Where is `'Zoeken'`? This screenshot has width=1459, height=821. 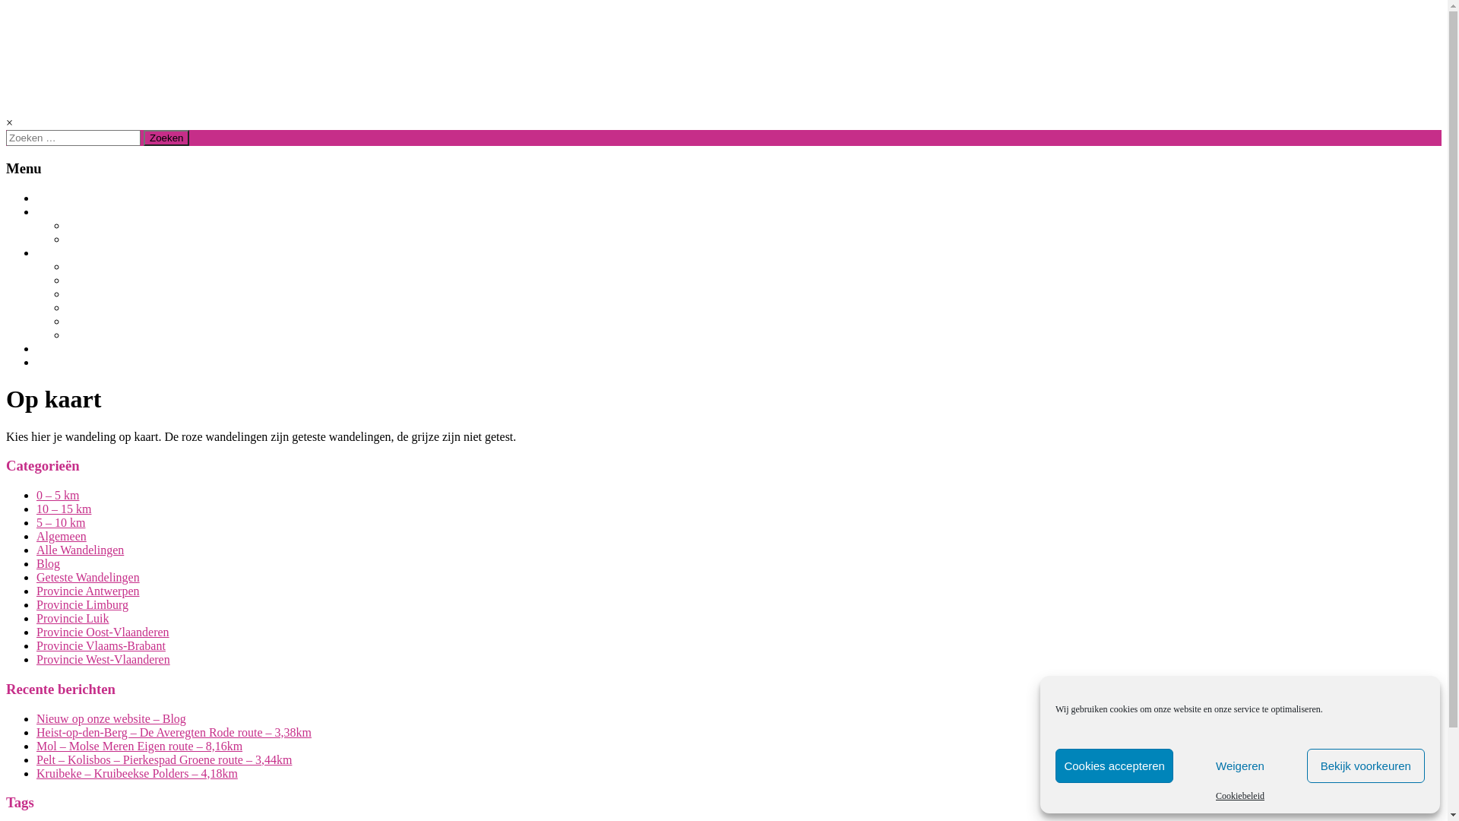 'Zoeken' is located at coordinates (166, 138).